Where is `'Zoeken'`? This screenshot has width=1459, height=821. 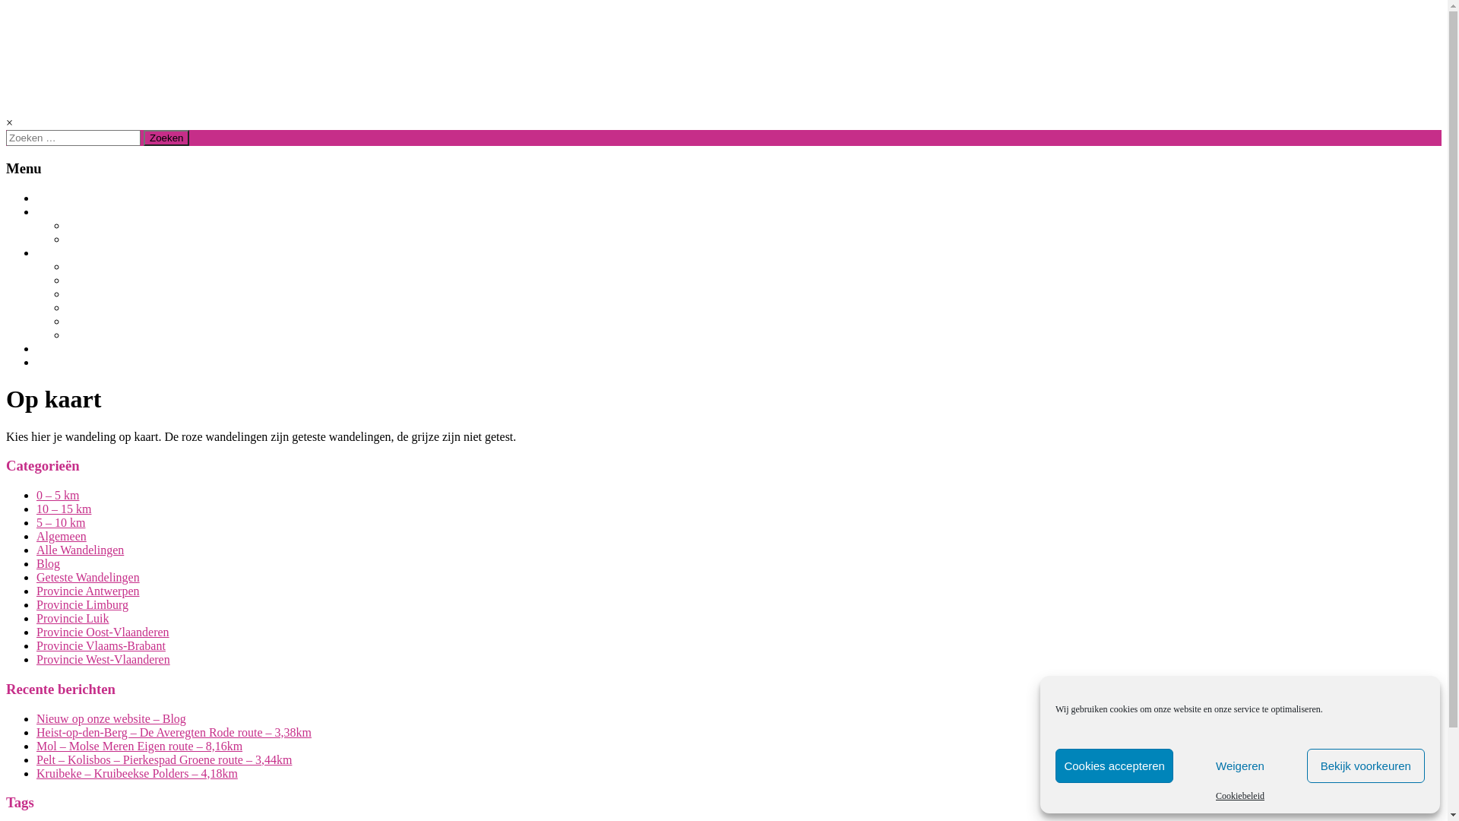 'Zoeken' is located at coordinates (166, 138).